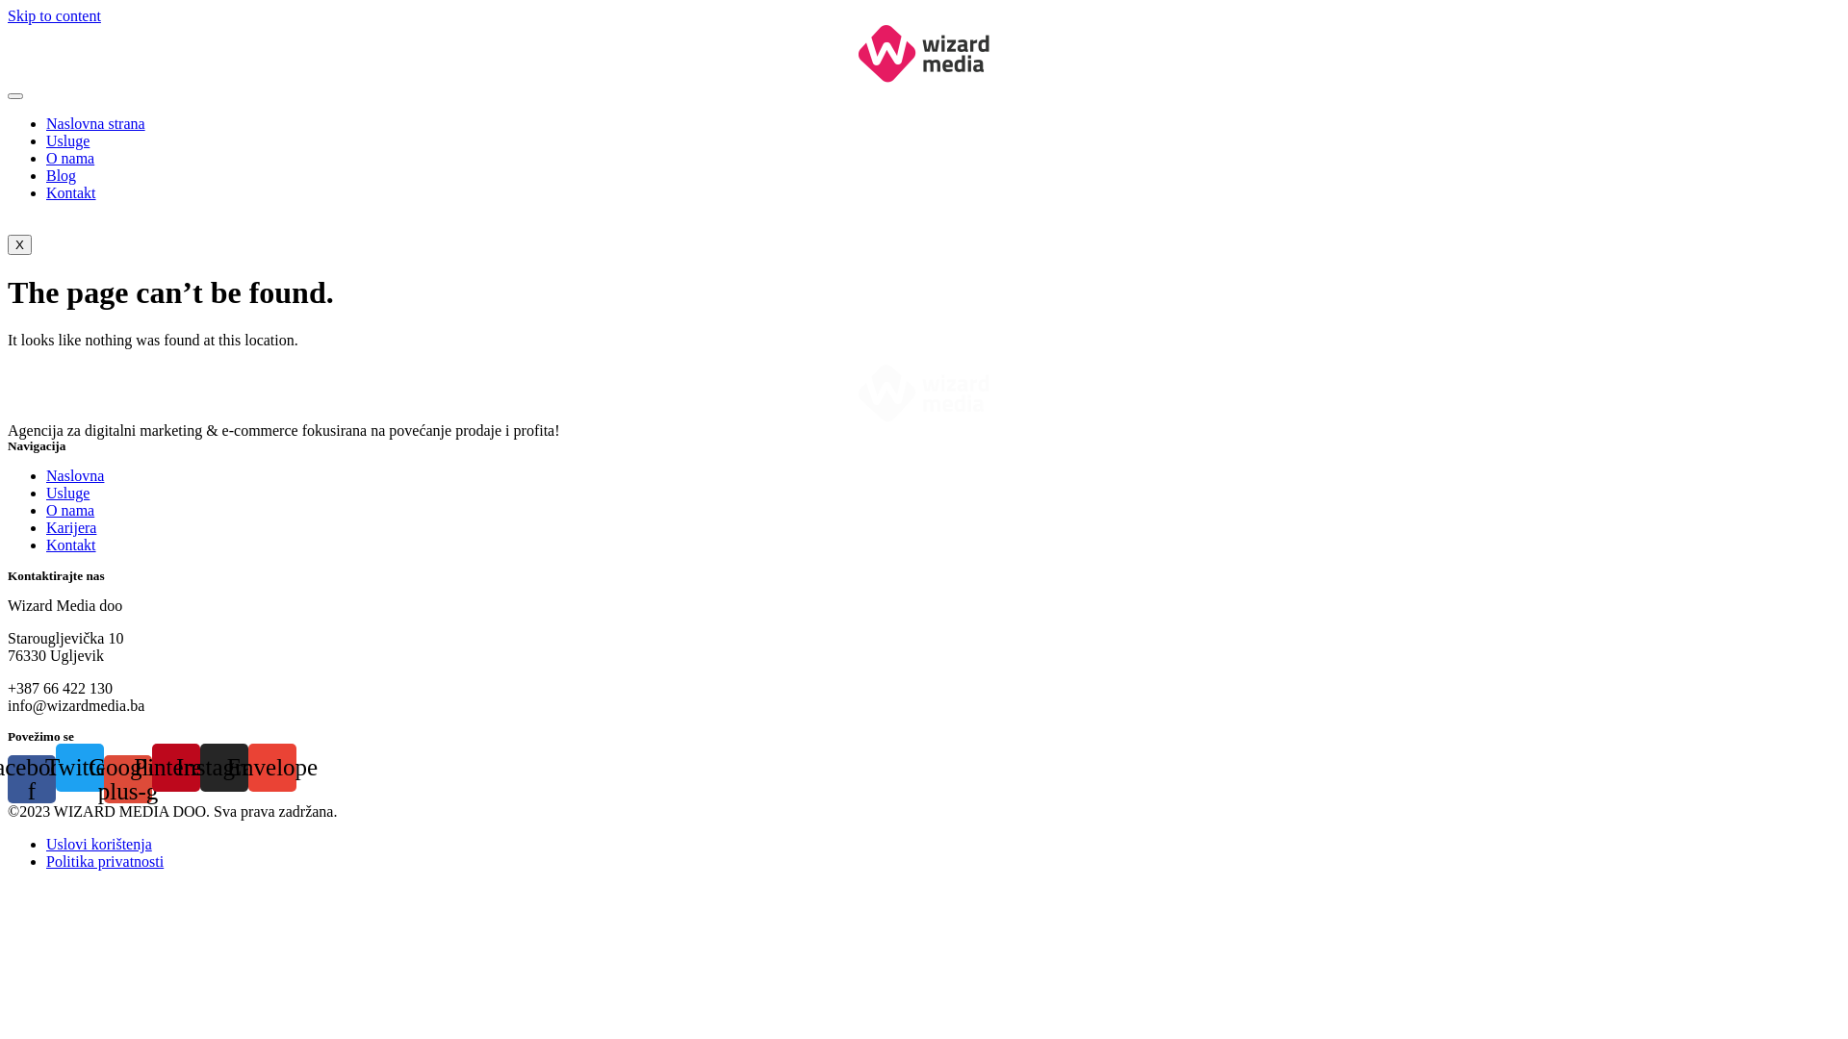 The image size is (1848, 1039). I want to click on 'wizardmedia-logo', so click(924, 53).